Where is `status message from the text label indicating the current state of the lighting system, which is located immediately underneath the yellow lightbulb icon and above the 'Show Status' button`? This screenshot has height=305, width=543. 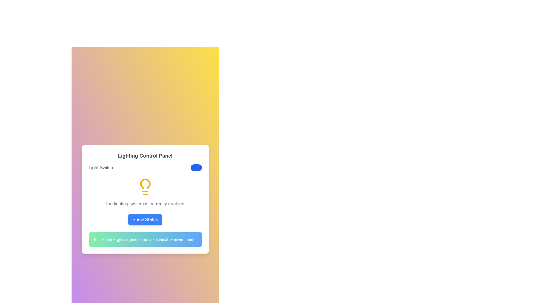
status message from the text label indicating the current state of the lighting system, which is located immediately underneath the yellow lightbulb icon and above the 'Show Status' button is located at coordinates (145, 204).